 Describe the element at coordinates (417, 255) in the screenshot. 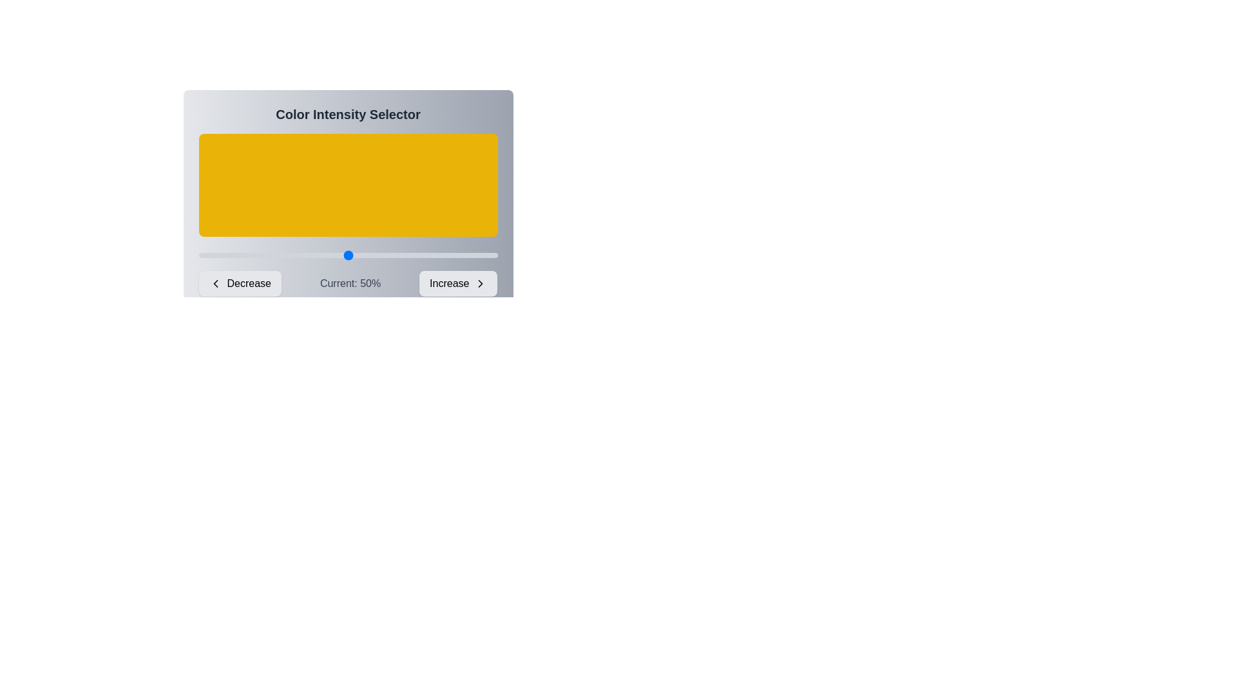

I see `color intensity` at that location.